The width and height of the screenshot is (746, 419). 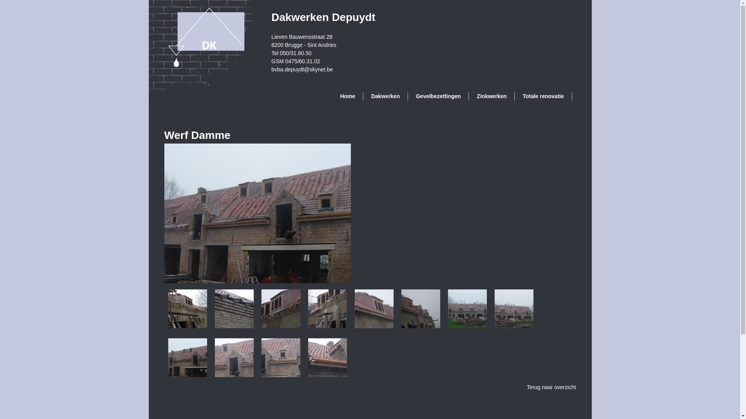 I want to click on 'bvba.depuydt@skynet.be', so click(x=302, y=68).